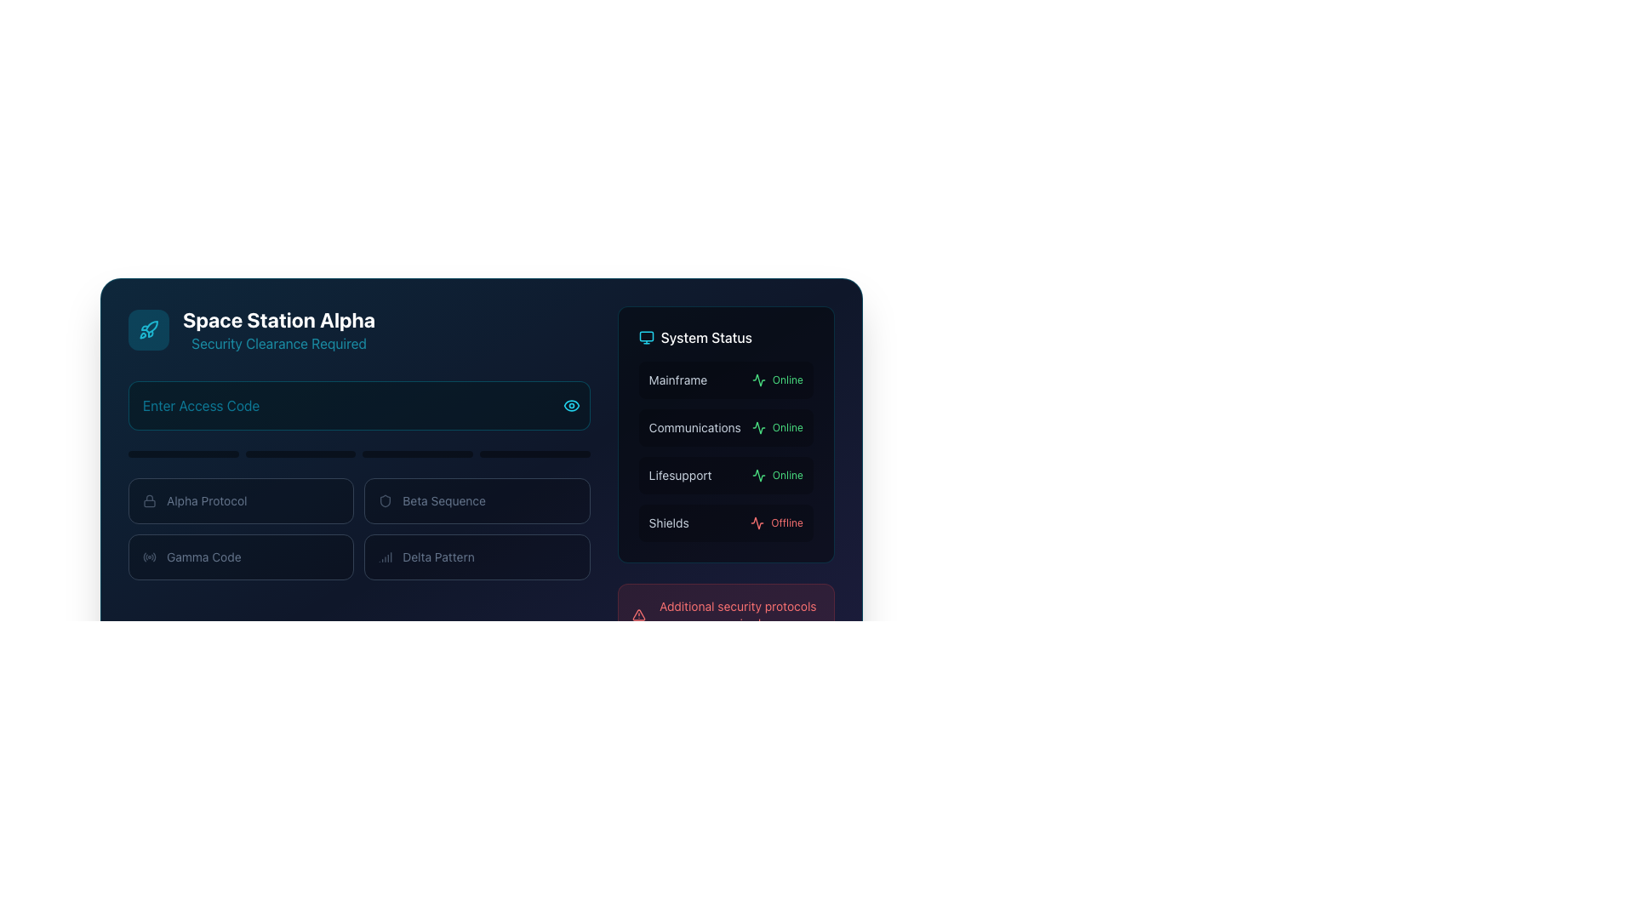  I want to click on the 'Beta Sequence' button, which is a rectangular button with rounded corners, located under the 'Enter Access Code' section, immediately to the right of 'Alpha Protocol', so click(477, 500).